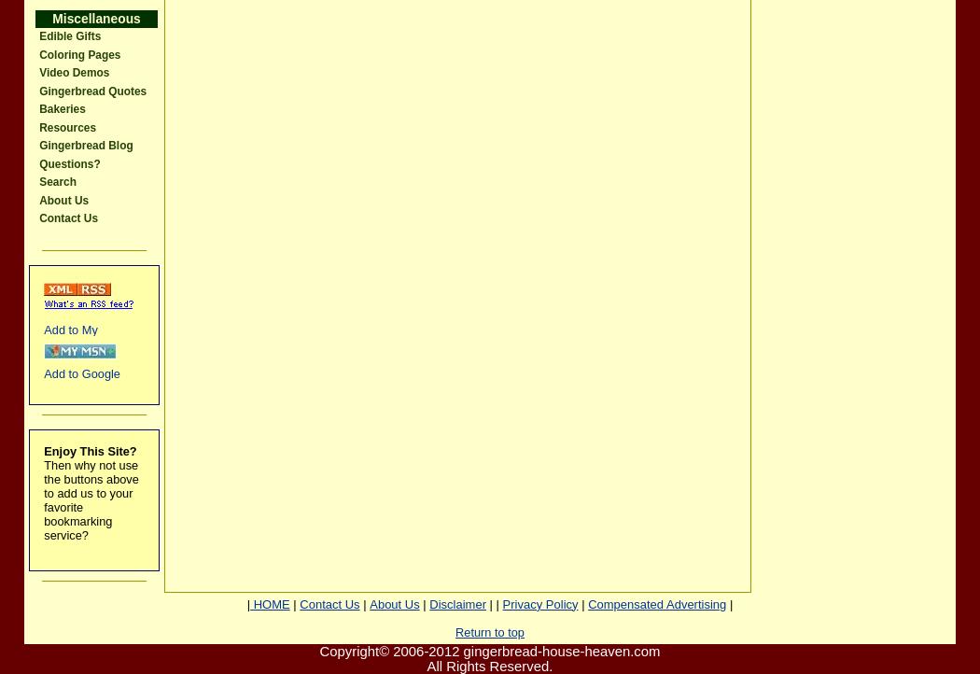 Image resolution: width=980 pixels, height=674 pixels. What do you see at coordinates (68, 163) in the screenshot?
I see `'Questions?'` at bounding box center [68, 163].